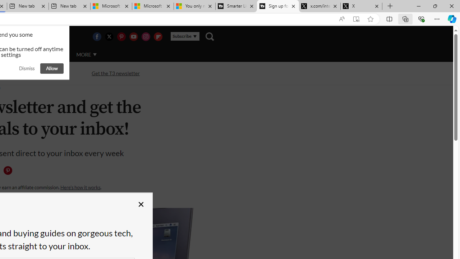 The width and height of the screenshot is (460, 259). What do you see at coordinates (157, 36) in the screenshot?
I see `'Visit us on Flipboard'` at bounding box center [157, 36].